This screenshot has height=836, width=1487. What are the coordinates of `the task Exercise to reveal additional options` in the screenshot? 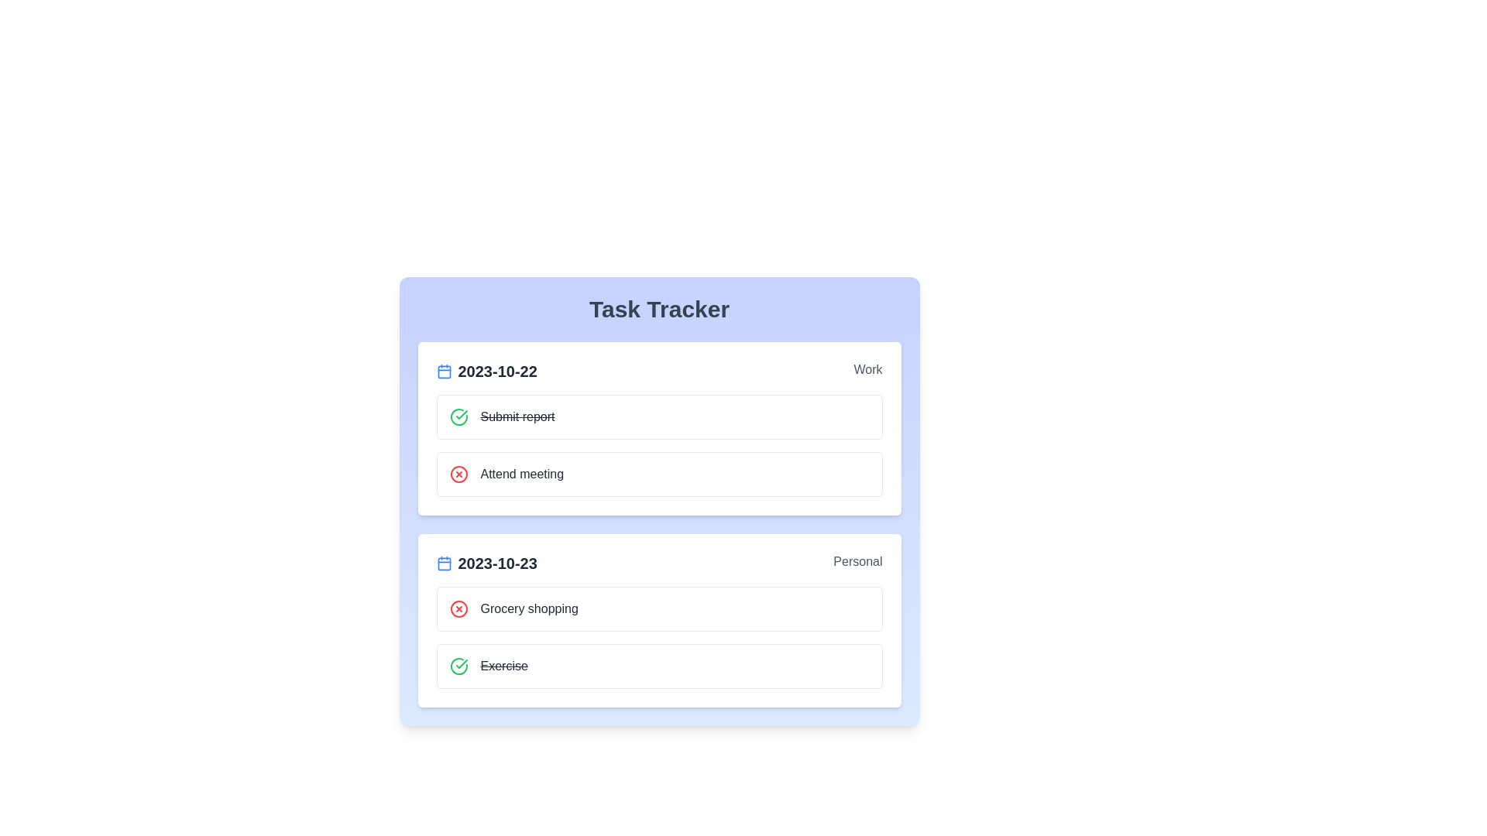 It's located at (504, 665).